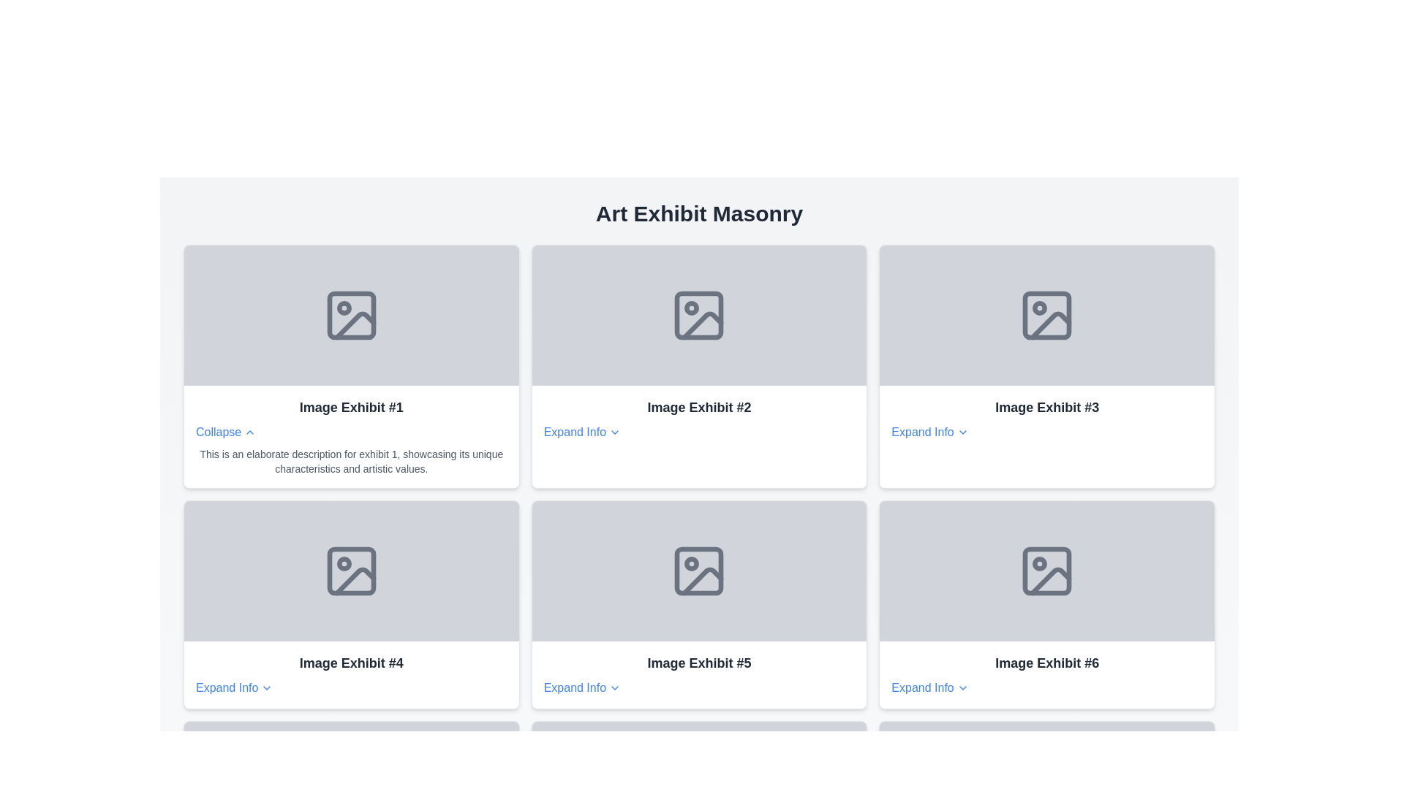 The height and width of the screenshot is (789, 1404). I want to click on the text label for the sixth exhibit in the 'Art Exhibit Masonry' layout, located in the bottom-right cell of the grid, above the 'Expand Info' link, so click(1046, 663).